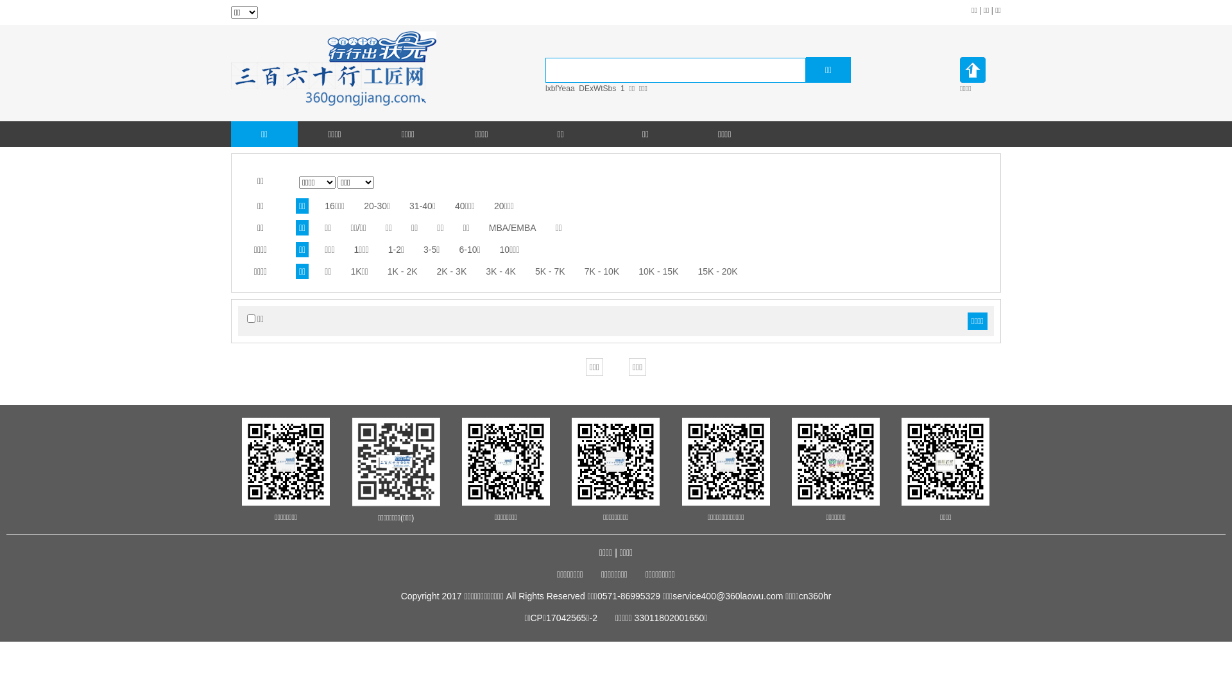  I want to click on '3K - 4K', so click(500, 271).